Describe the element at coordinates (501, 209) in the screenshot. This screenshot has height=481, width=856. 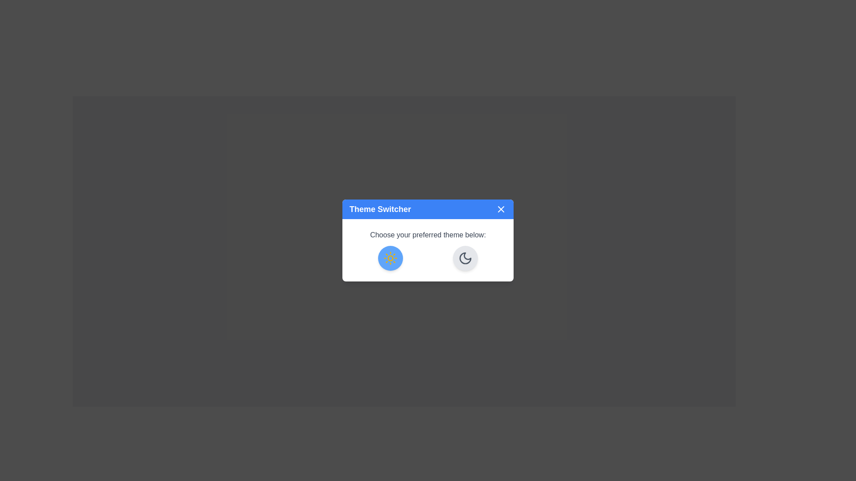
I see `the close button represented by a diagonal line in an 'X' shape within a circular red background, located in the top-right corner of the blue header bar labeled 'Theme Switcher'` at that location.